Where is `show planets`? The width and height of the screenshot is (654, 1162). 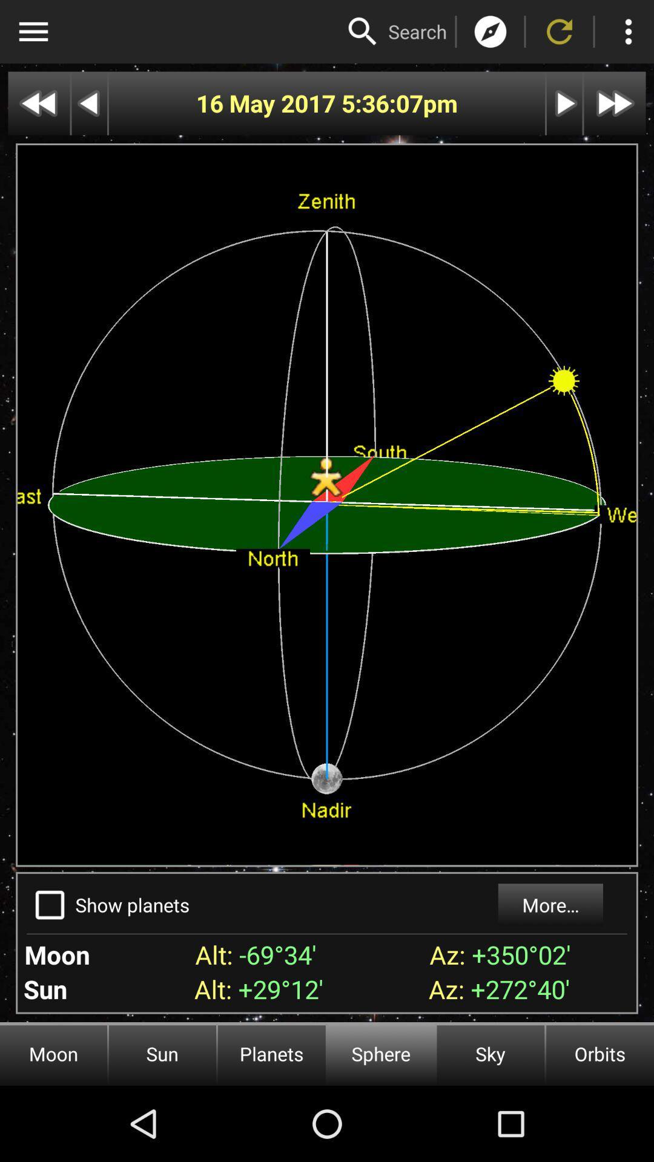 show planets is located at coordinates (49, 905).